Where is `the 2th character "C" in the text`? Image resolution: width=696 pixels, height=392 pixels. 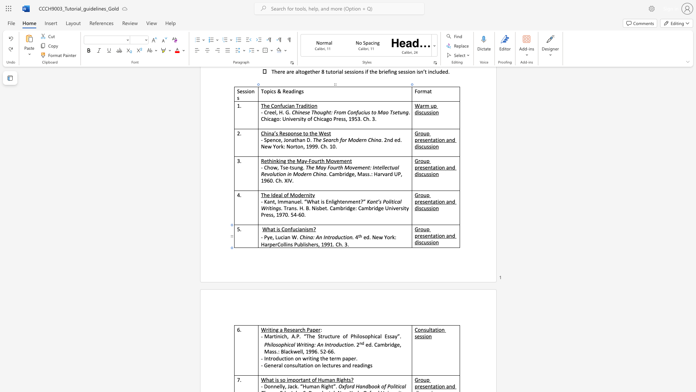
the 2th character "C" in the text is located at coordinates (337, 244).